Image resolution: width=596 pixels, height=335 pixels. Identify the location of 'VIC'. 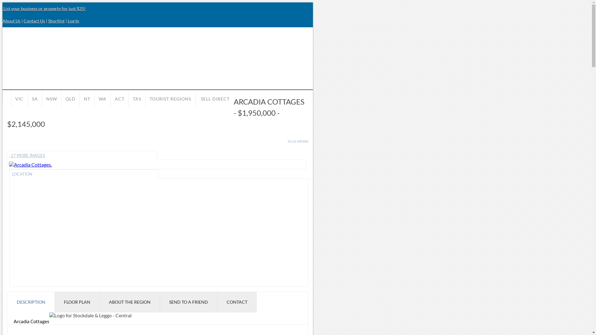
(19, 98).